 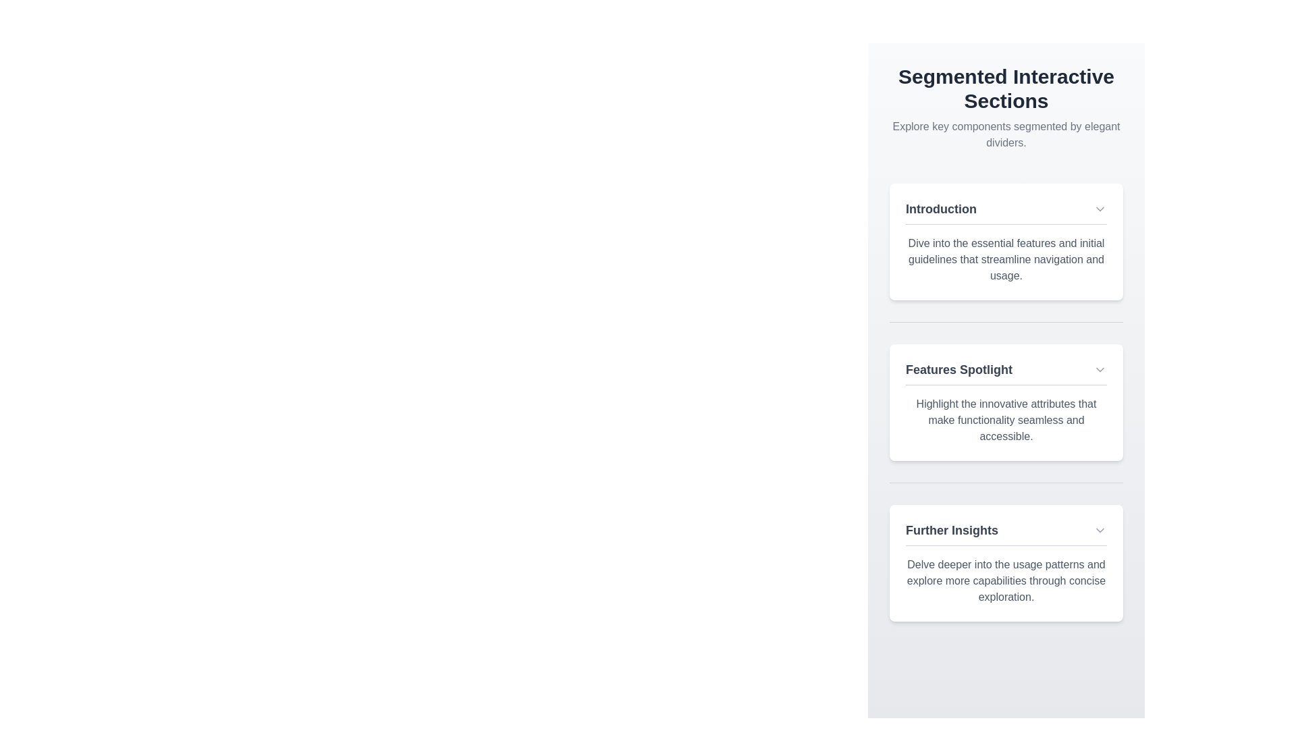 What do you see at coordinates (1006, 420) in the screenshot?
I see `text block containing 'Highlight the innovative attributes that make functionality seamless and accessible.' located in the 'Features Spotlight' section beneath its title` at bounding box center [1006, 420].